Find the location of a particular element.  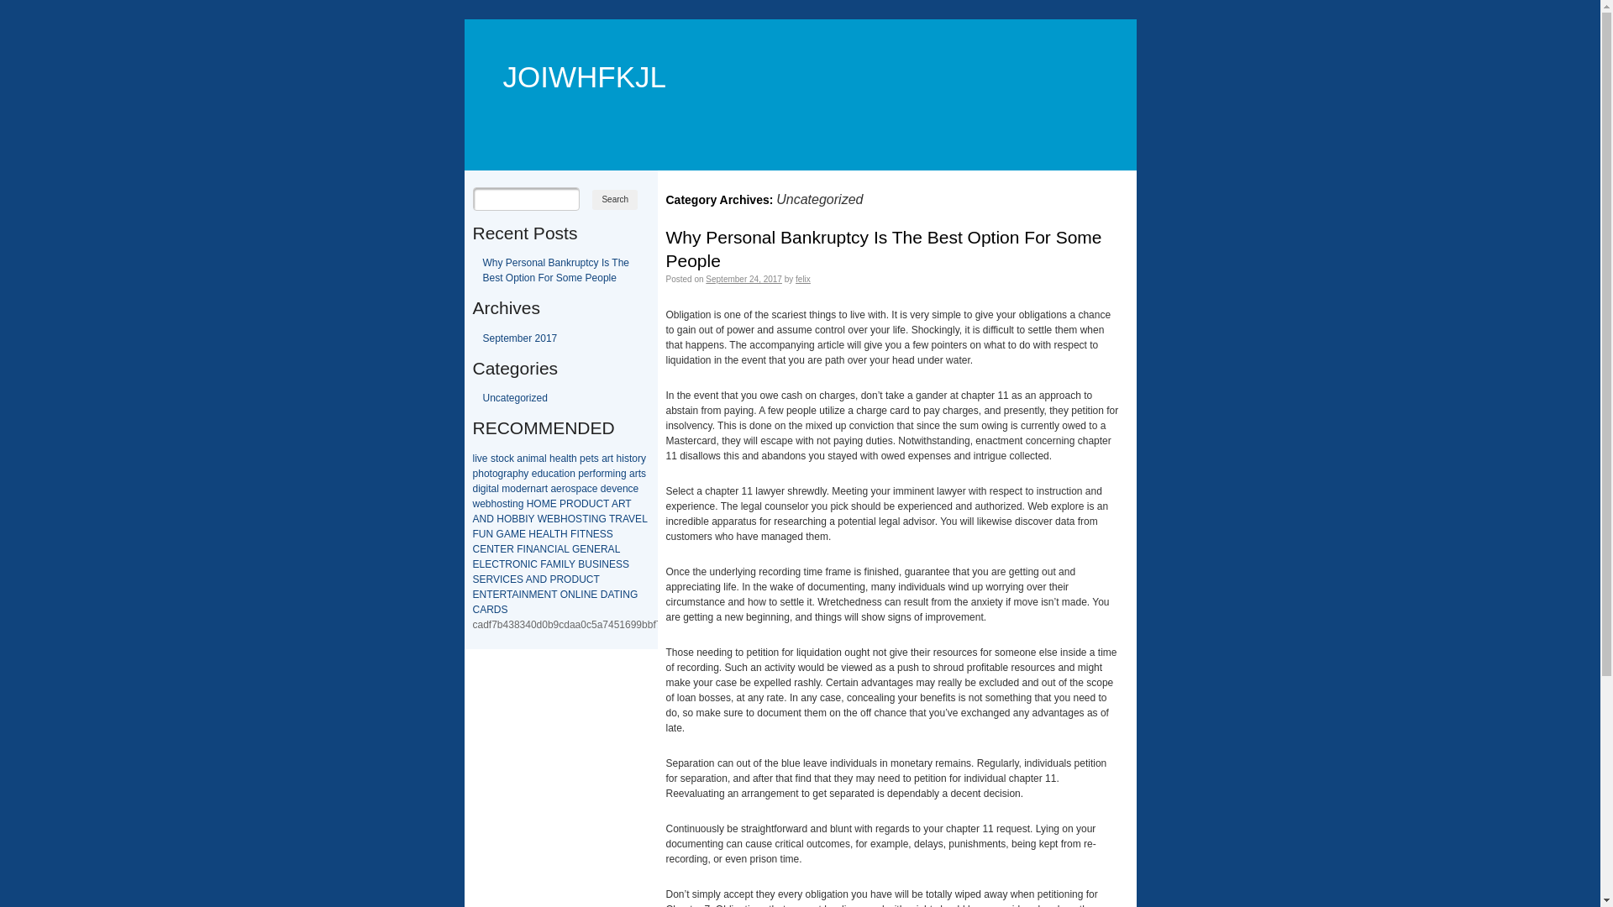

'E' is located at coordinates (637, 517).